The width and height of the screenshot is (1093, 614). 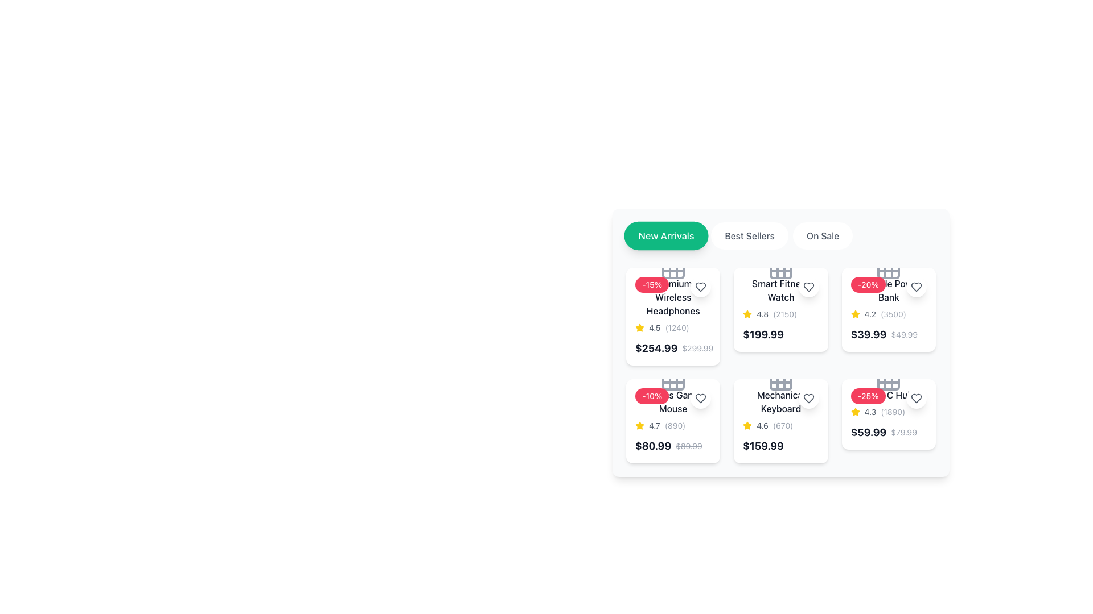 What do you see at coordinates (780, 289) in the screenshot?
I see `the product associated with the Text label located` at bounding box center [780, 289].